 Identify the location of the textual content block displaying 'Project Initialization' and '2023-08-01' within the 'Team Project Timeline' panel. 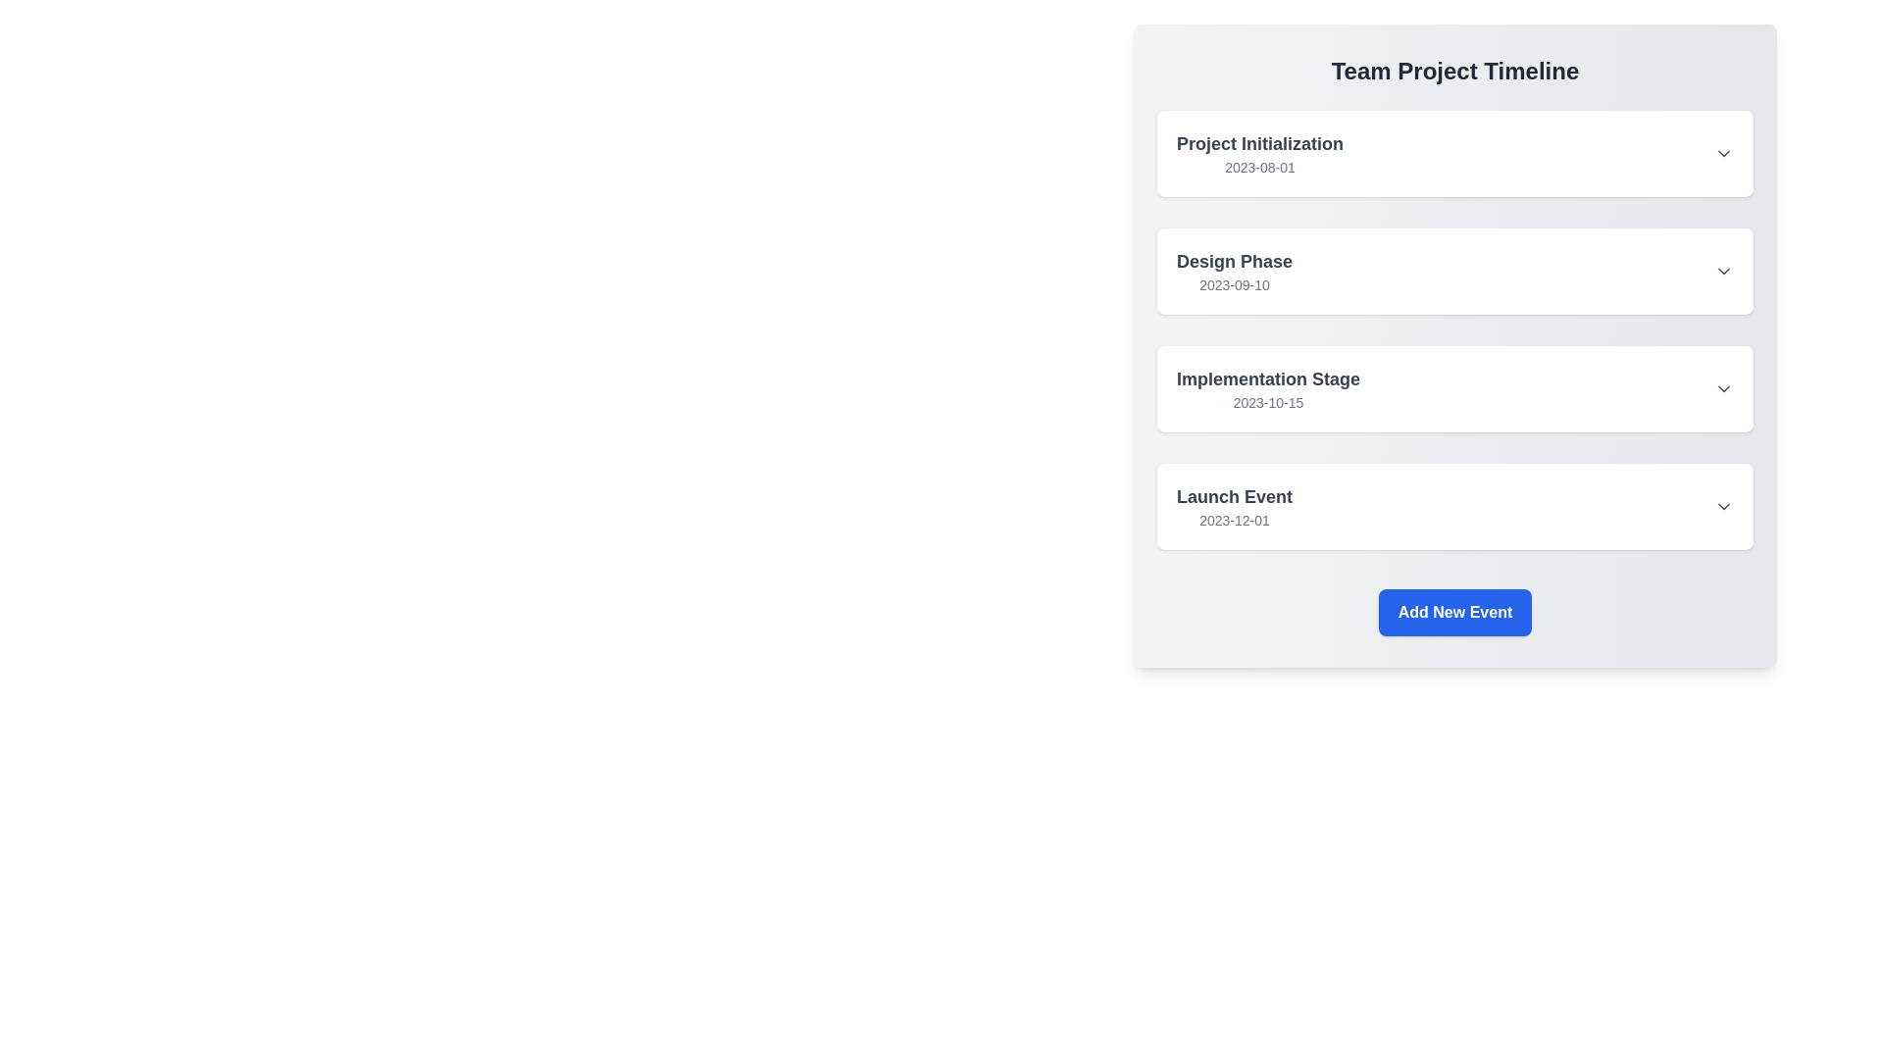
(1260, 153).